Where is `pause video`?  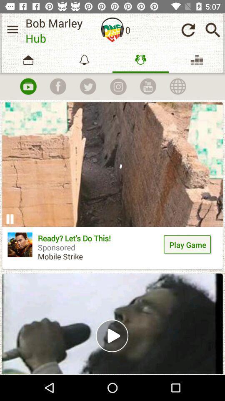
pause video is located at coordinates (9, 218).